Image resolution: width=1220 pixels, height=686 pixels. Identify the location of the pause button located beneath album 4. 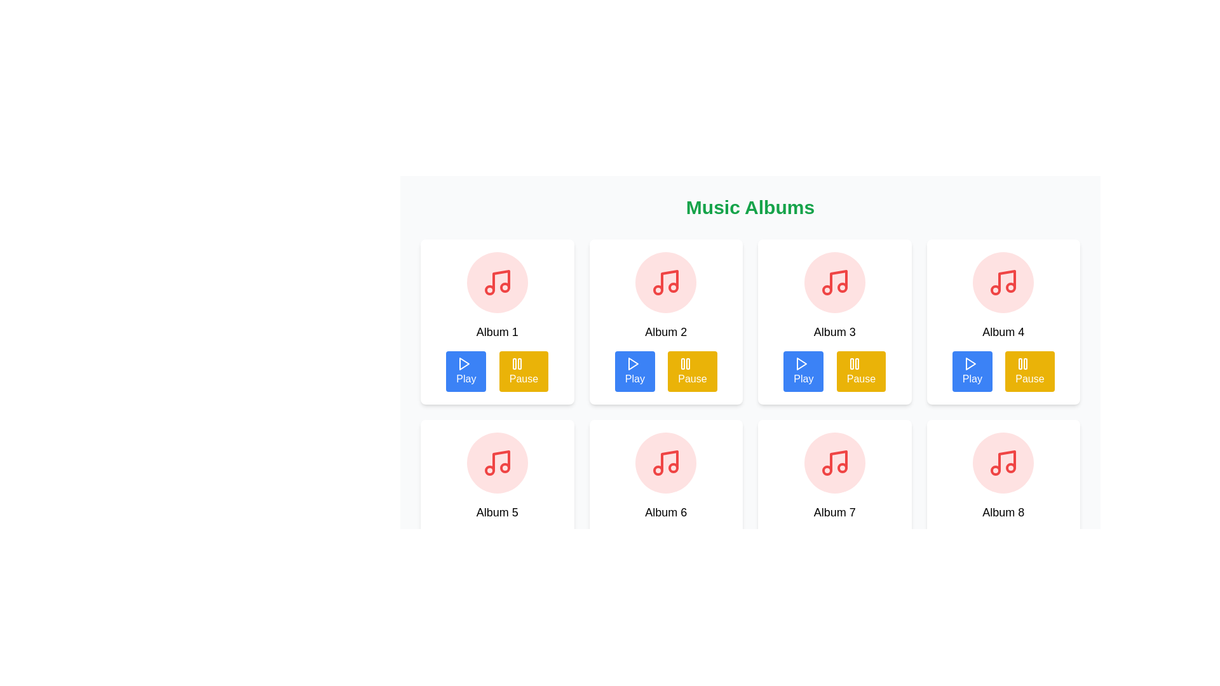
(1030, 372).